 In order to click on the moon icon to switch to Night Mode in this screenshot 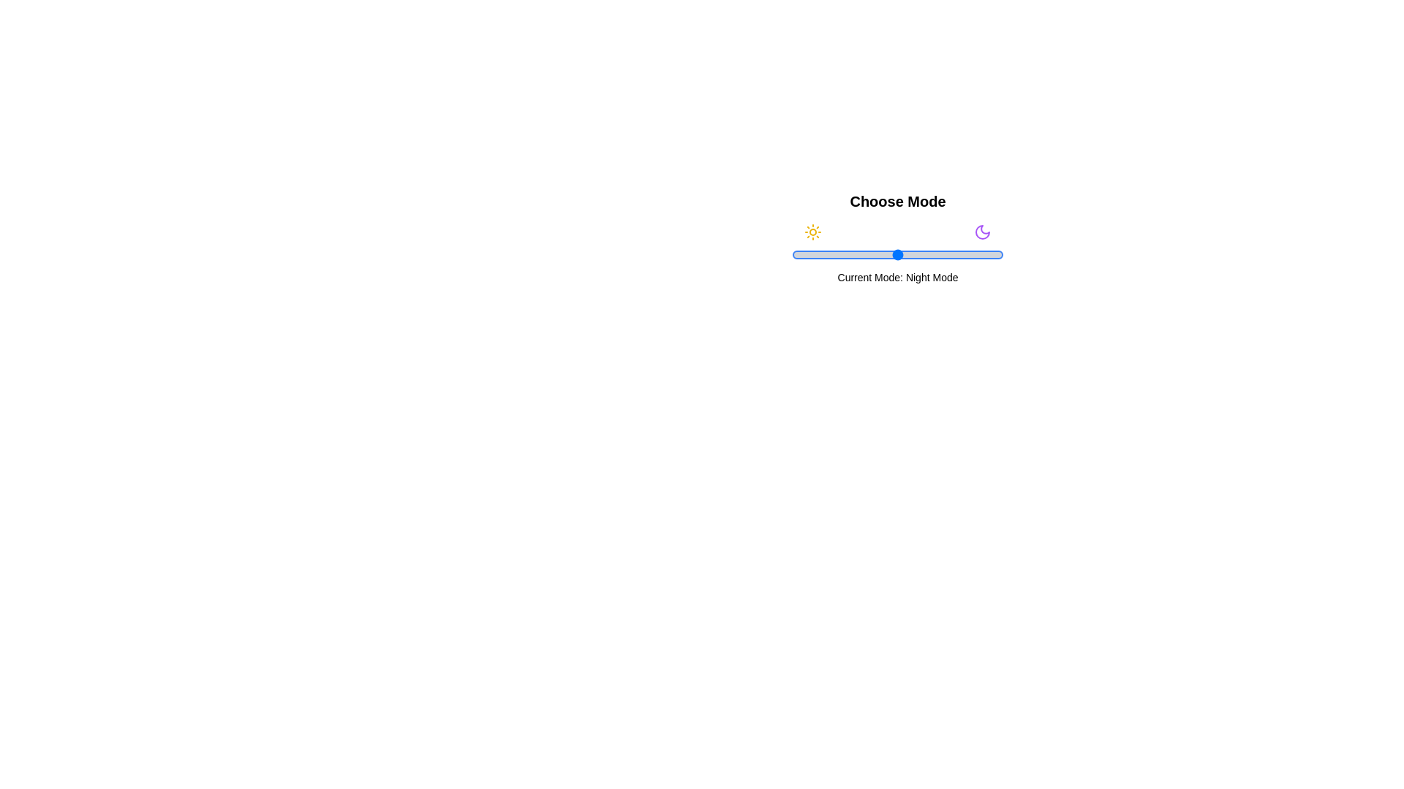, I will do `click(983, 231)`.